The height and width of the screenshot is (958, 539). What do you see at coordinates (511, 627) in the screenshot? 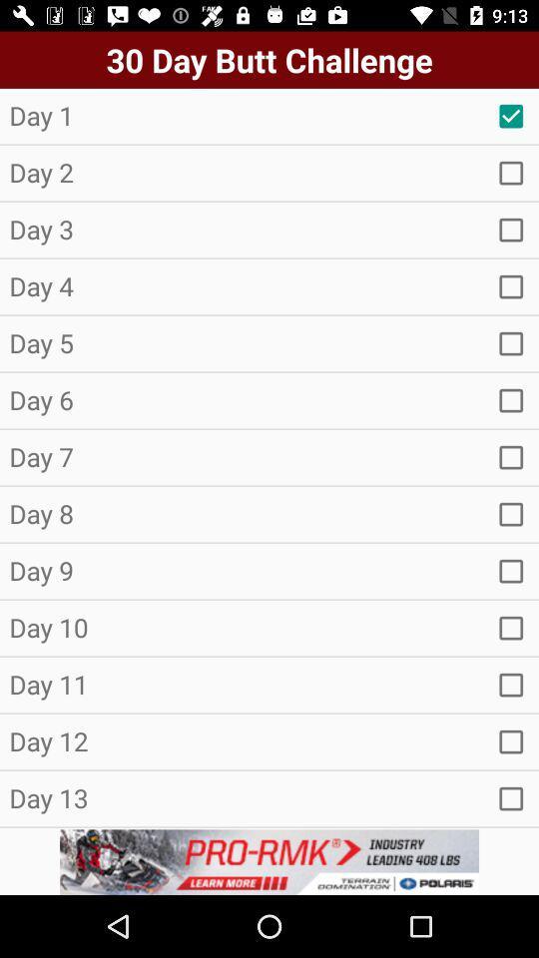
I see `selecti button` at bounding box center [511, 627].